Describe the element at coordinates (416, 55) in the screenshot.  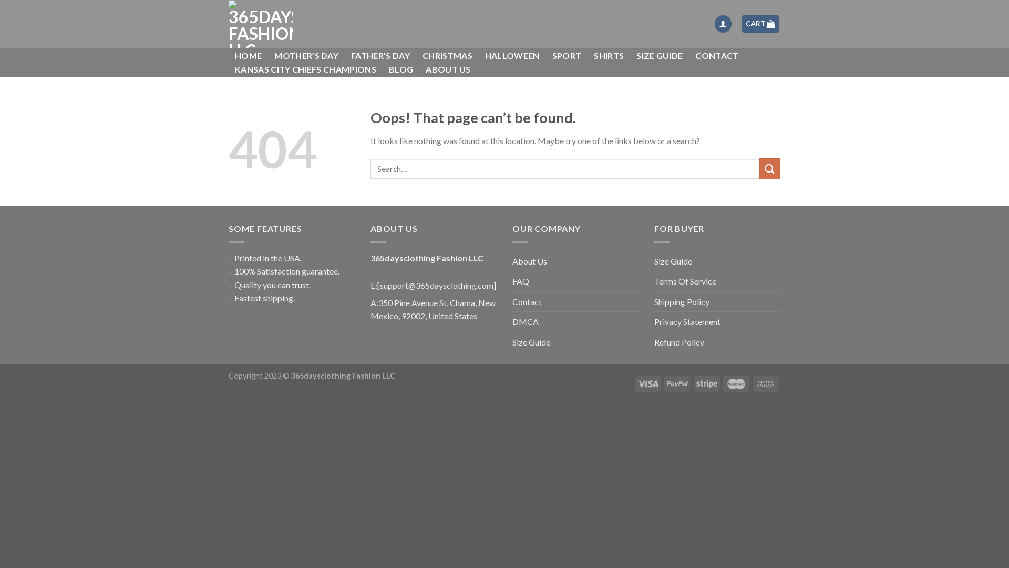
I see `'CHRISTMAS'` at that location.